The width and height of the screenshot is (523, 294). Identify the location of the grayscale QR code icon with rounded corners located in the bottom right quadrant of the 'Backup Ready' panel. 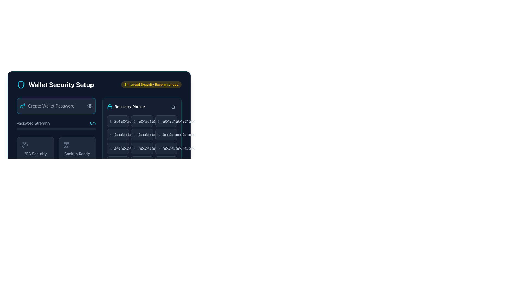
(66, 145).